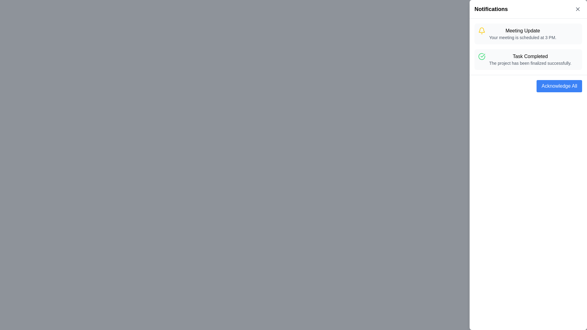  What do you see at coordinates (578, 9) in the screenshot?
I see `the close button located at the top-right corner of the notifications panel to activate hover effects` at bounding box center [578, 9].